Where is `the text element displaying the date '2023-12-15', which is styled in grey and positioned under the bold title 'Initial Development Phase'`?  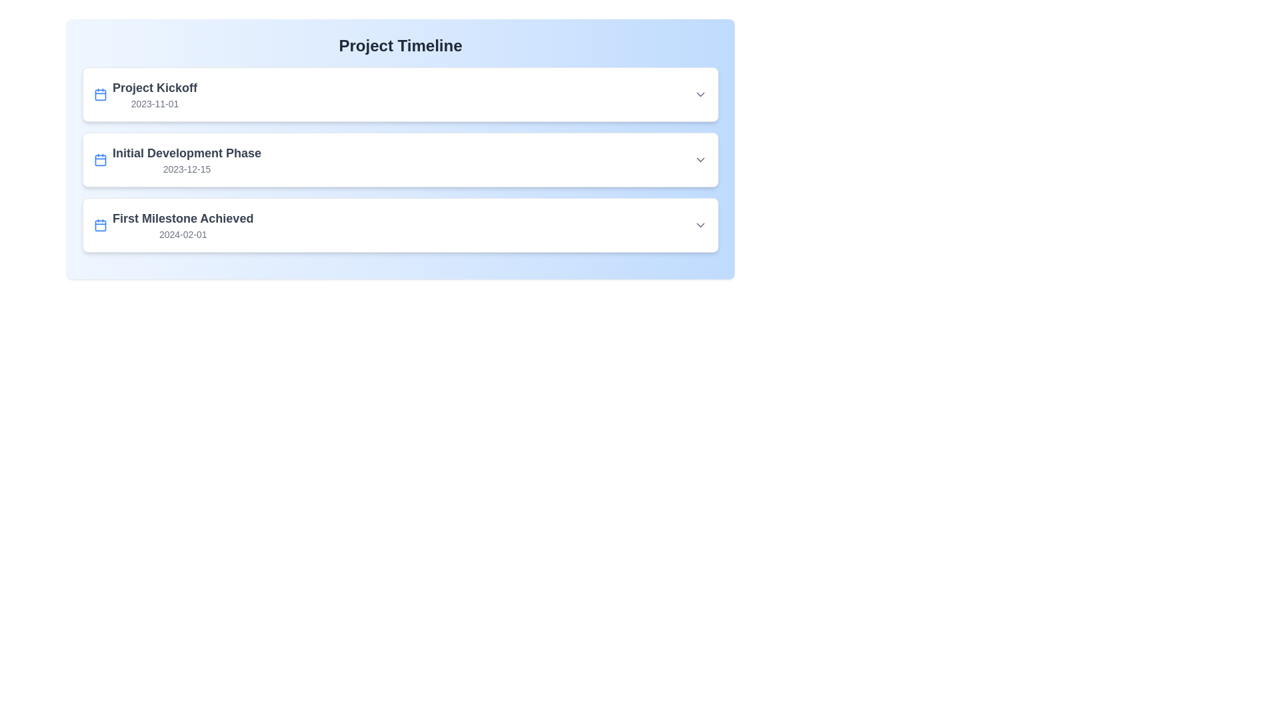
the text element displaying the date '2023-12-15', which is styled in grey and positioned under the bold title 'Initial Development Phase' is located at coordinates (186, 169).